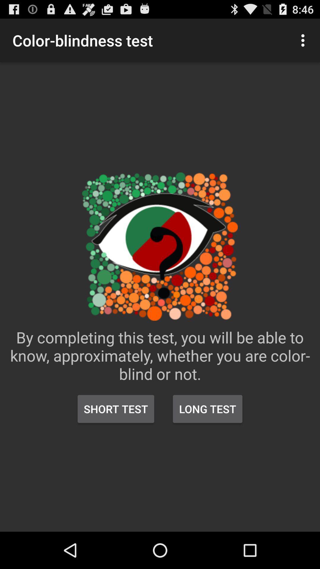 This screenshot has height=569, width=320. I want to click on the item to the right of the short test, so click(207, 409).